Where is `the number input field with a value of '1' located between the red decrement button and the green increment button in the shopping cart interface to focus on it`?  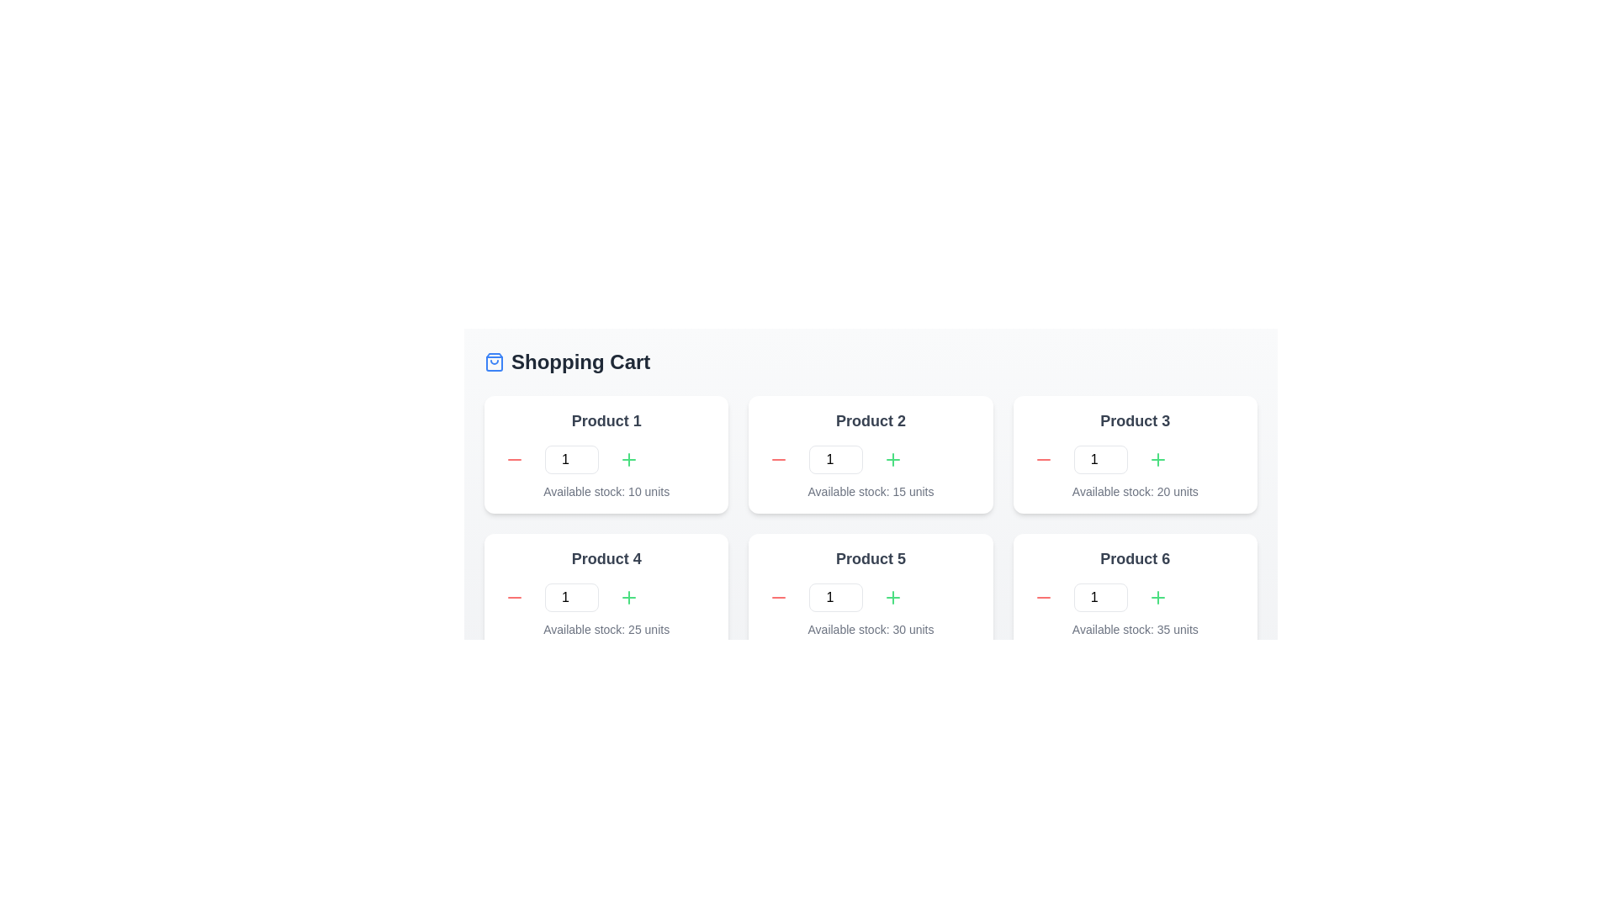
the number input field with a value of '1' located between the red decrement button and the green increment button in the shopping cart interface to focus on it is located at coordinates (836, 460).